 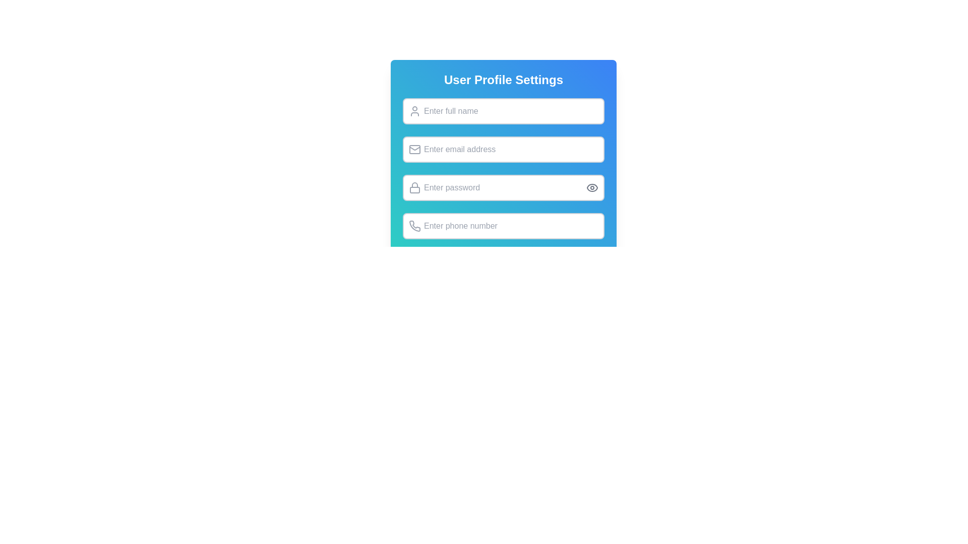 What do you see at coordinates (592, 188) in the screenshot?
I see `the password visibility toggle icon located to the right side of the password input field to switch between obscured and revealed text` at bounding box center [592, 188].